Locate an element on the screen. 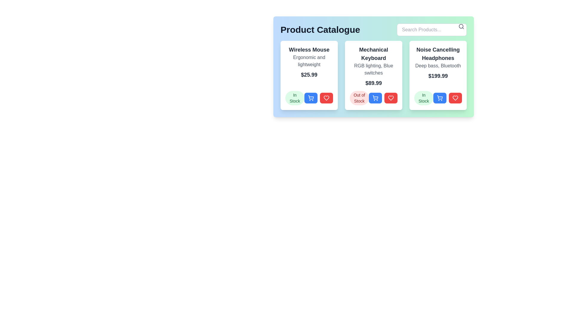 The width and height of the screenshot is (573, 322). the Status Badge with green background and 'In Stock' text located in the bottom-left section of the product card for 'Noise Cancelling Headphones' to get stock status information is located at coordinates (423, 97).